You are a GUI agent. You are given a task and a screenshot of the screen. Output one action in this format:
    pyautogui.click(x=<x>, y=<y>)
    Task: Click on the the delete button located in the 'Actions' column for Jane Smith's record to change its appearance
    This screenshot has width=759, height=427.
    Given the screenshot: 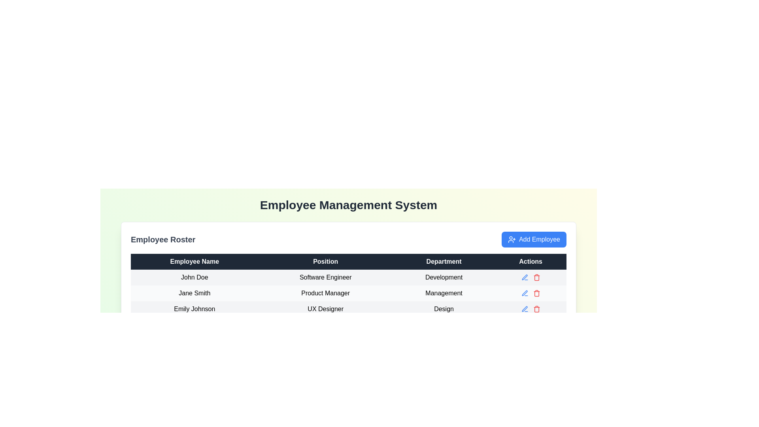 What is the action you would take?
    pyautogui.click(x=536, y=293)
    